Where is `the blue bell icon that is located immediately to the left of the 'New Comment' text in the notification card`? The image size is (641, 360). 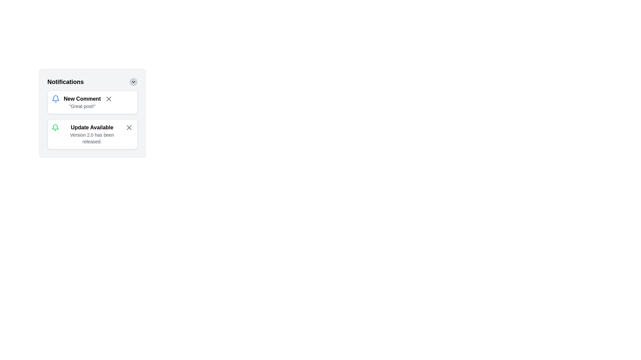
the blue bell icon that is located immediately to the left of the 'New Comment' text in the notification card is located at coordinates (56, 99).